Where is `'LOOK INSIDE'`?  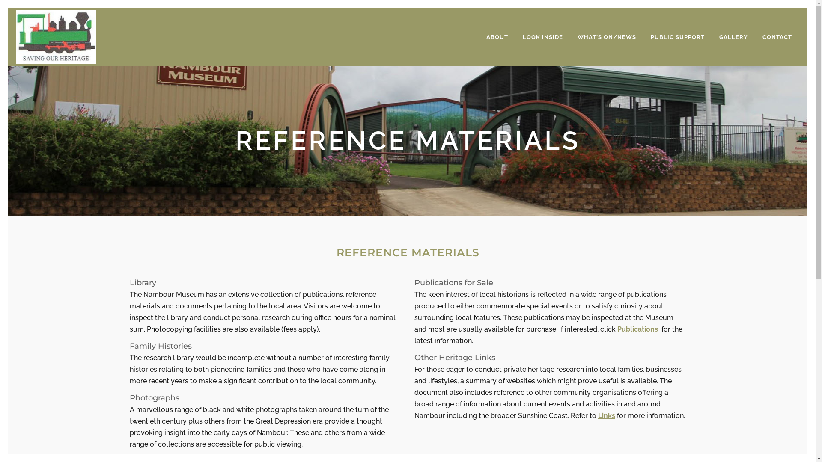 'LOOK INSIDE' is located at coordinates (542, 36).